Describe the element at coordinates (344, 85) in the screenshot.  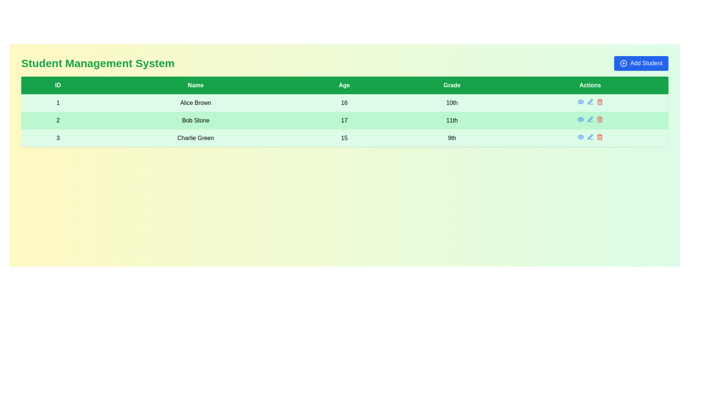
I see `the Table Header Cell with the dark green background and white text that reads 'Age', located as the third column header in the table` at that location.